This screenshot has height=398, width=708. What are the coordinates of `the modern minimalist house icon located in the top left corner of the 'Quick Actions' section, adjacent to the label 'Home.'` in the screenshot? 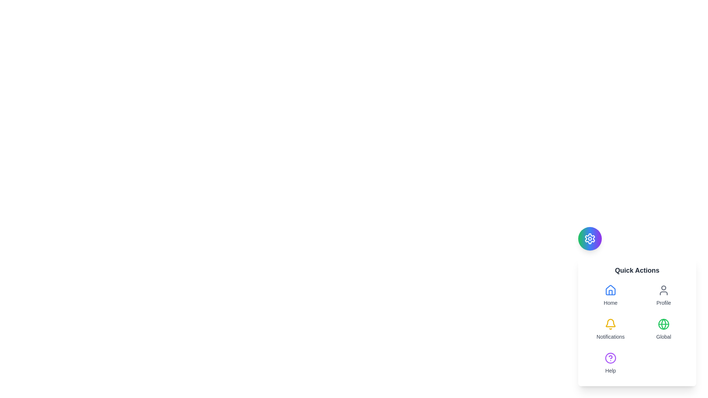 It's located at (611, 289).